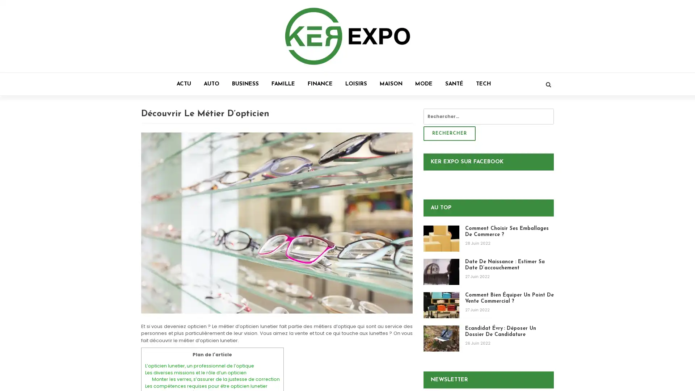 Image resolution: width=695 pixels, height=391 pixels. What do you see at coordinates (449, 134) in the screenshot?
I see `Rechercher` at bounding box center [449, 134].